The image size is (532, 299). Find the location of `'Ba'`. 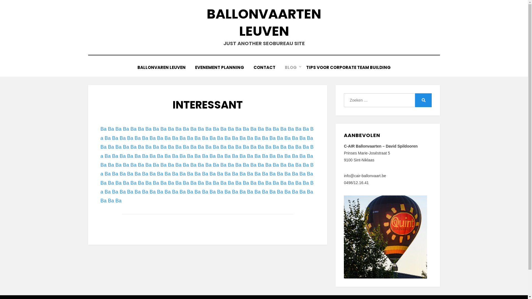

'Ba' is located at coordinates (276, 147).